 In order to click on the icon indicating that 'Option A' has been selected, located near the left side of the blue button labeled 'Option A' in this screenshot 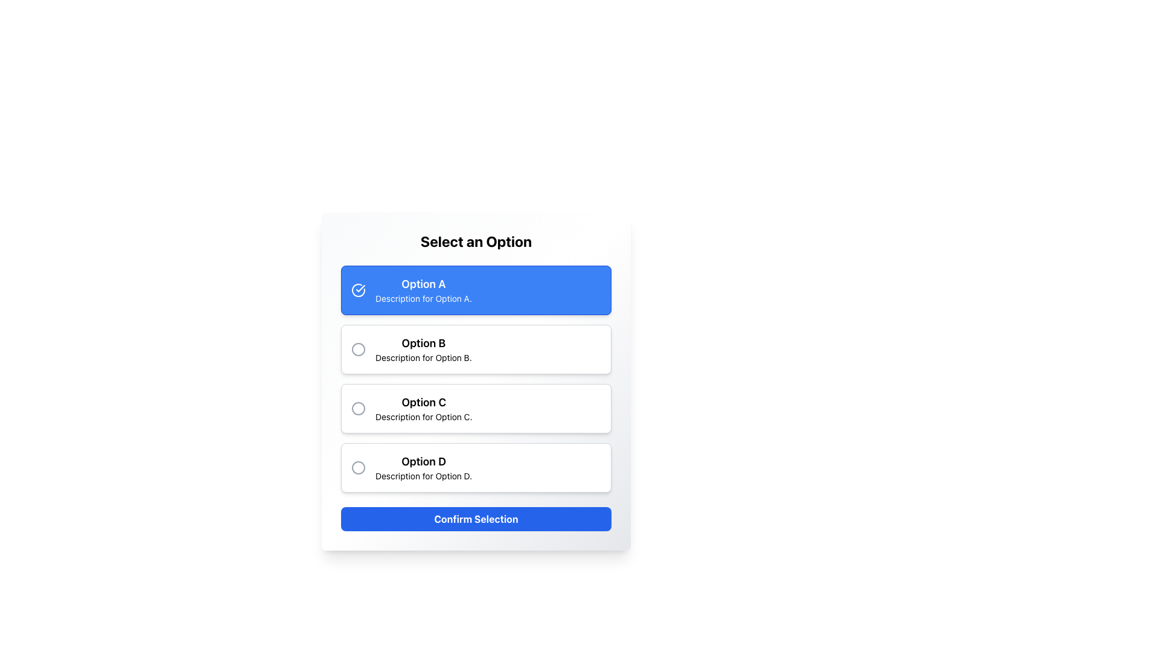, I will do `click(358, 290)`.